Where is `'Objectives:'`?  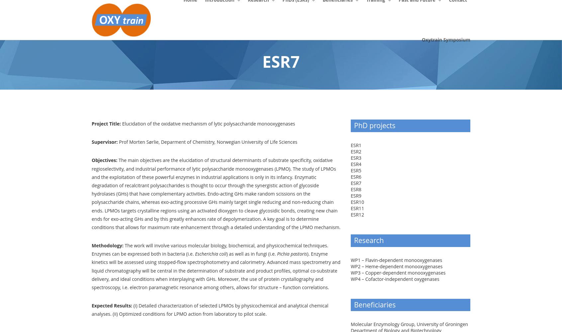 'Objectives:' is located at coordinates (105, 160).